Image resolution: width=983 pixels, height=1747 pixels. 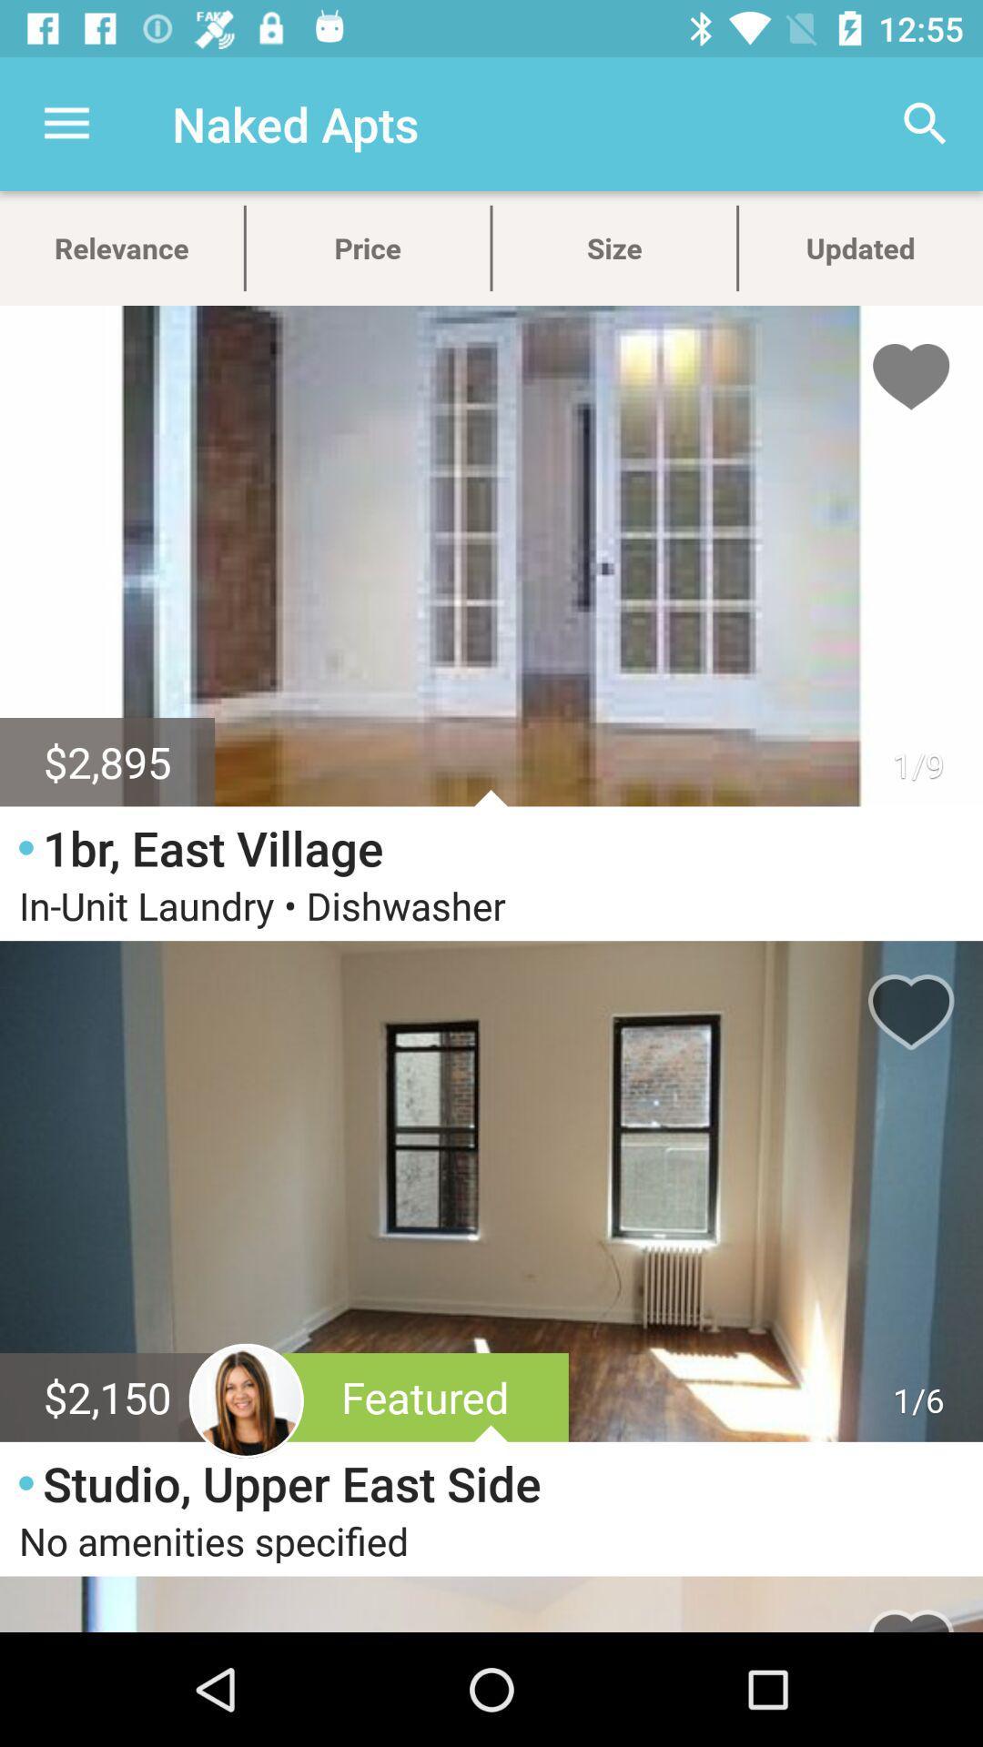 What do you see at coordinates (926, 123) in the screenshot?
I see `the item to the right of size icon` at bounding box center [926, 123].